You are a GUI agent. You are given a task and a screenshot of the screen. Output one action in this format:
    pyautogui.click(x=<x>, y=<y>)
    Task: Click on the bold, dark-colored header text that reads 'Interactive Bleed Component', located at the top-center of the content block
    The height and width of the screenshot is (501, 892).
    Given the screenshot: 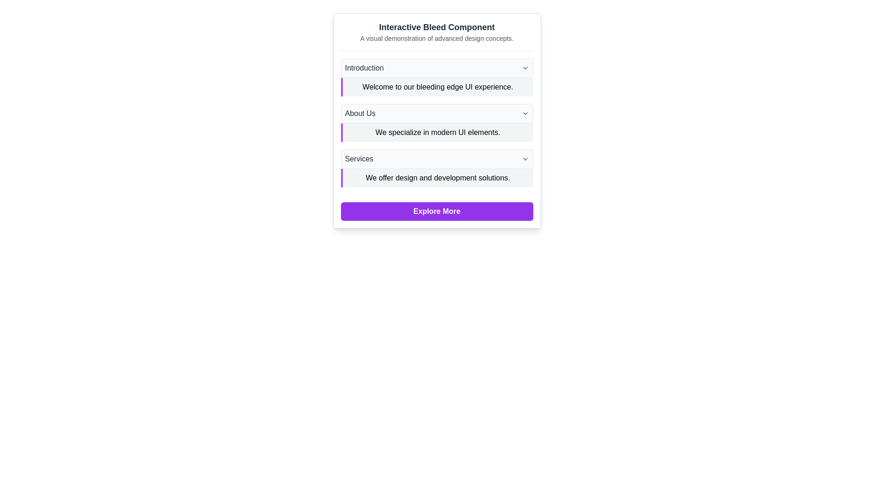 What is the action you would take?
    pyautogui.click(x=436, y=26)
    